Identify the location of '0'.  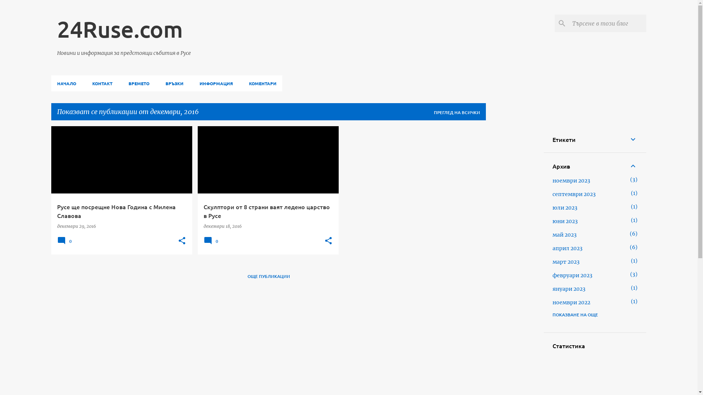
(212, 243).